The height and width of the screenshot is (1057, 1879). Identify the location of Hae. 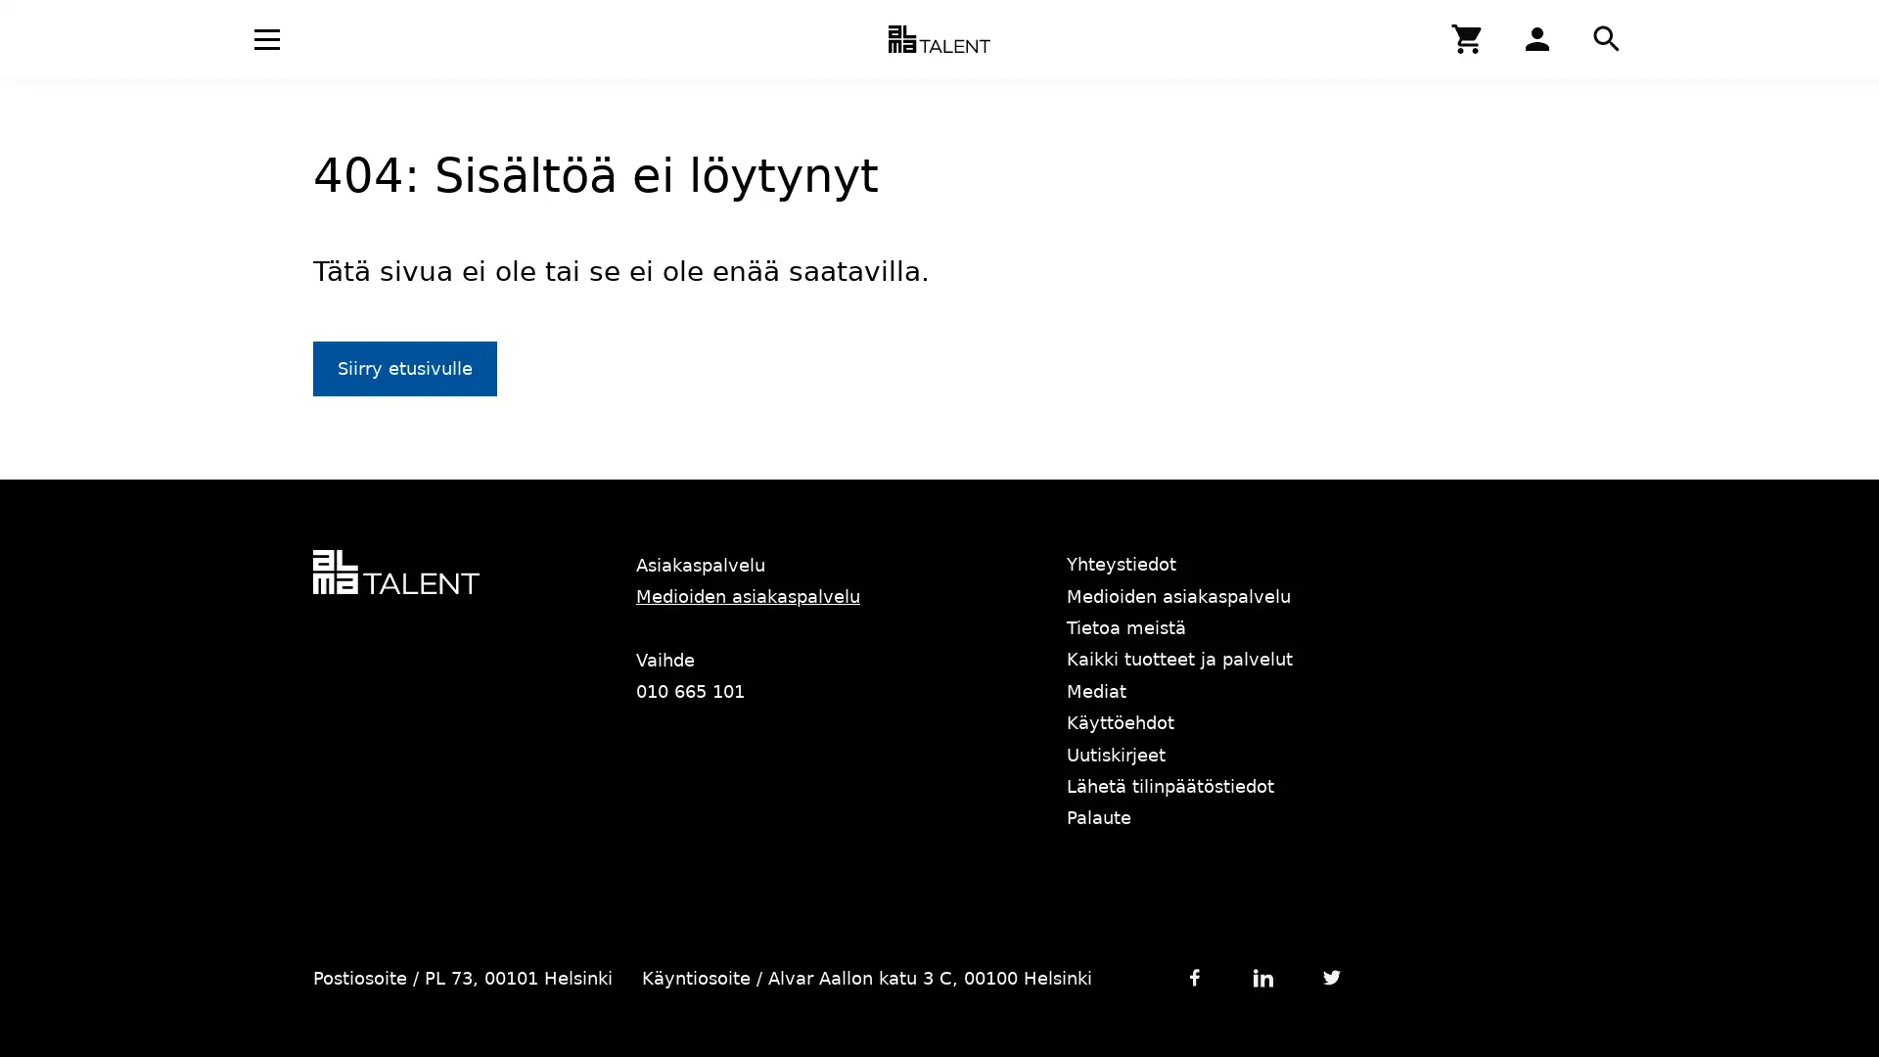
(1606, 38).